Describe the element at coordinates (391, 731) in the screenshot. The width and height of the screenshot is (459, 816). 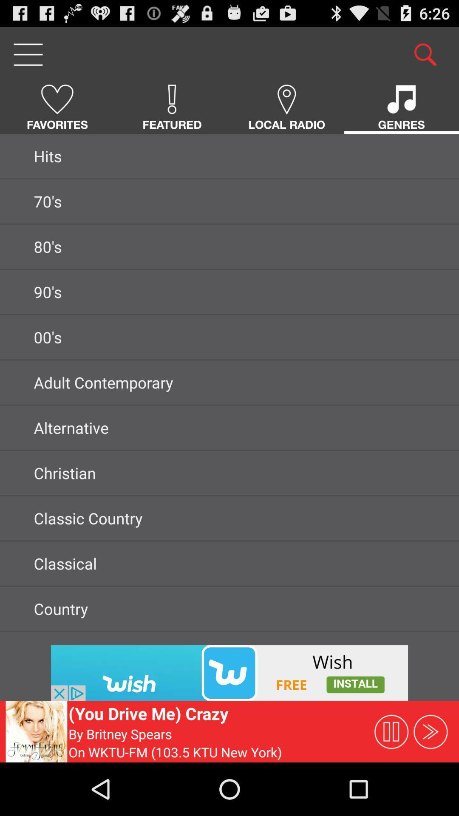
I see `pause the song` at that location.